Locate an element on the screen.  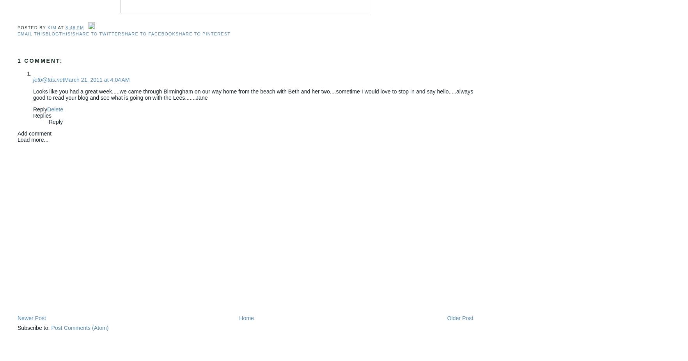
'Share to Pinterest' is located at coordinates (203, 33).